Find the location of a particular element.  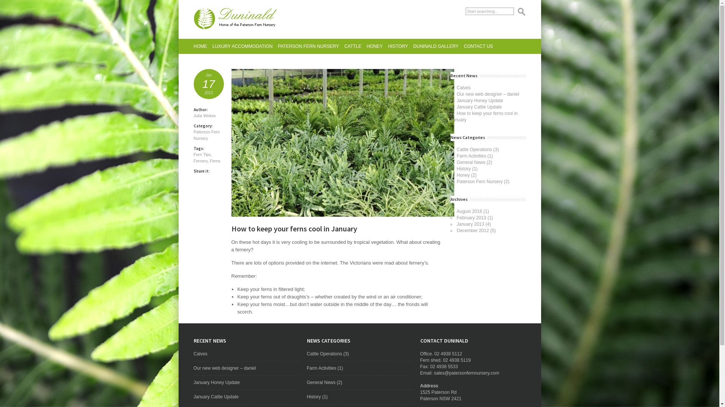

'Ferns' is located at coordinates (215, 161).